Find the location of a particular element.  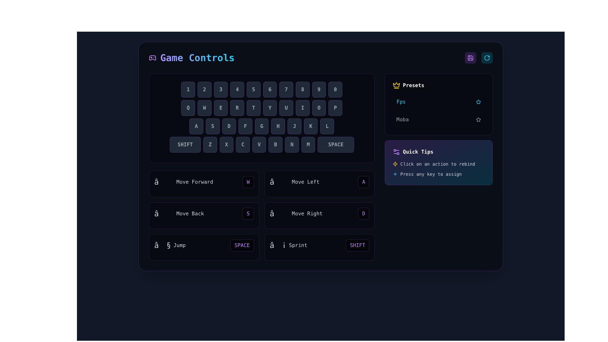

the text contained in the button representing the SPACE key, which is used for the Jump action in the game, located in the lower portion of the grid arrangement is located at coordinates (242, 245).